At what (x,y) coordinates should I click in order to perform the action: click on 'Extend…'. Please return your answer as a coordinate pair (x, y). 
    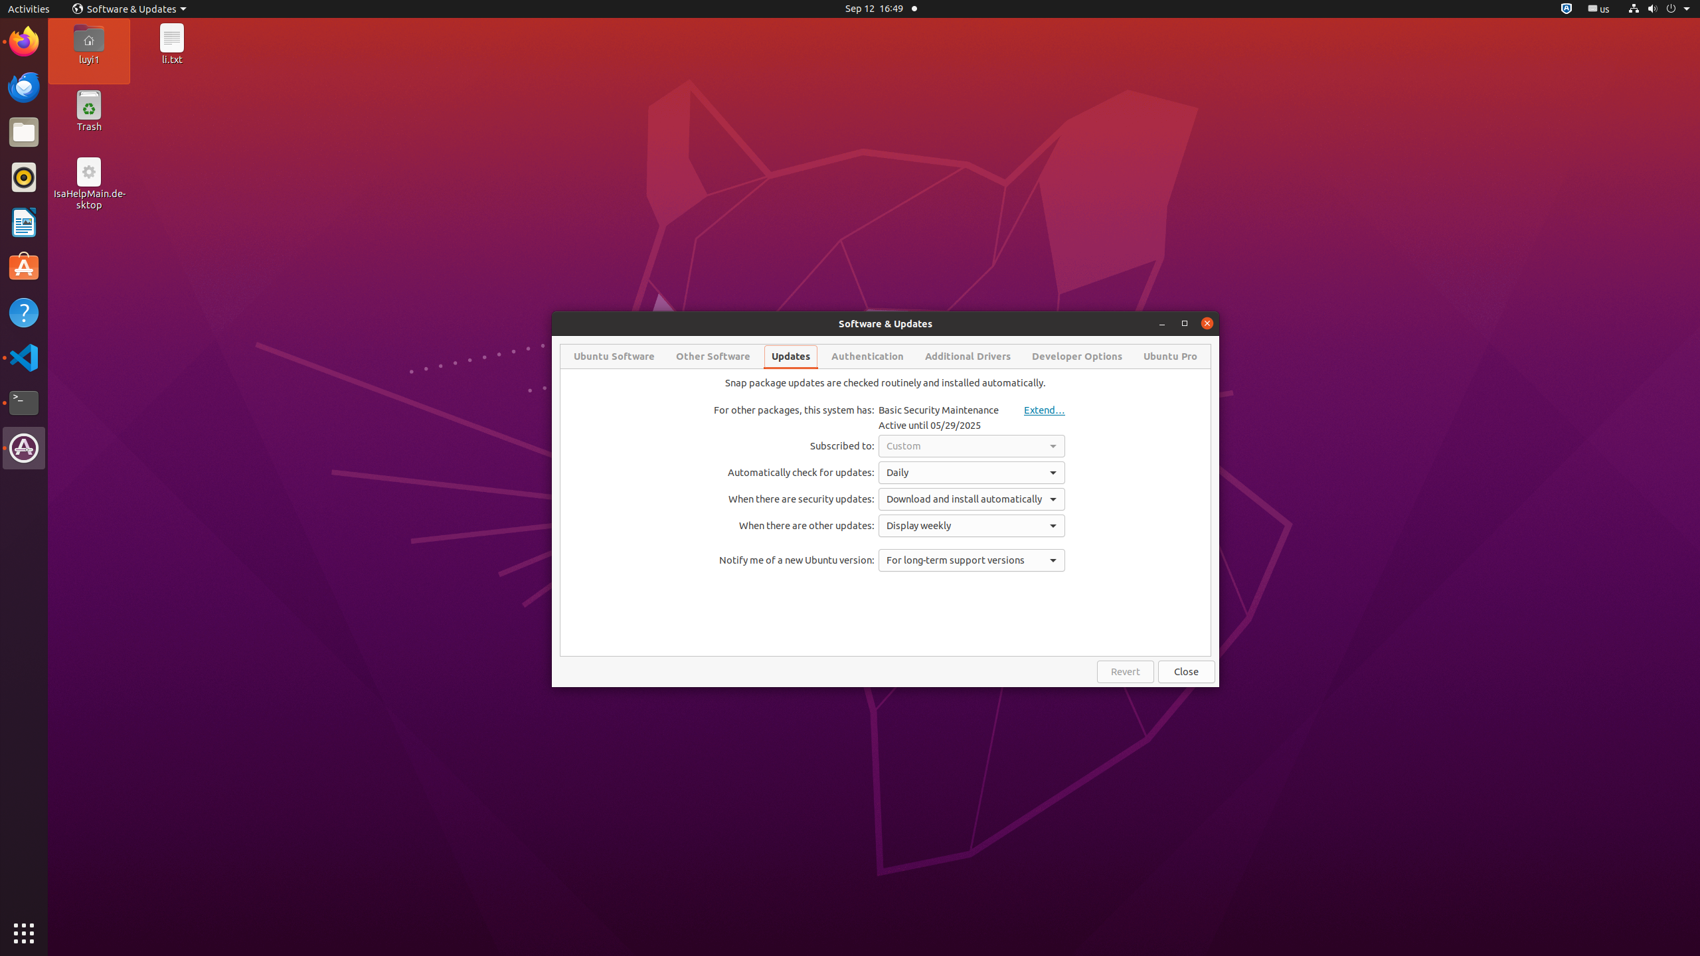
    Looking at the image, I should click on (1033, 409).